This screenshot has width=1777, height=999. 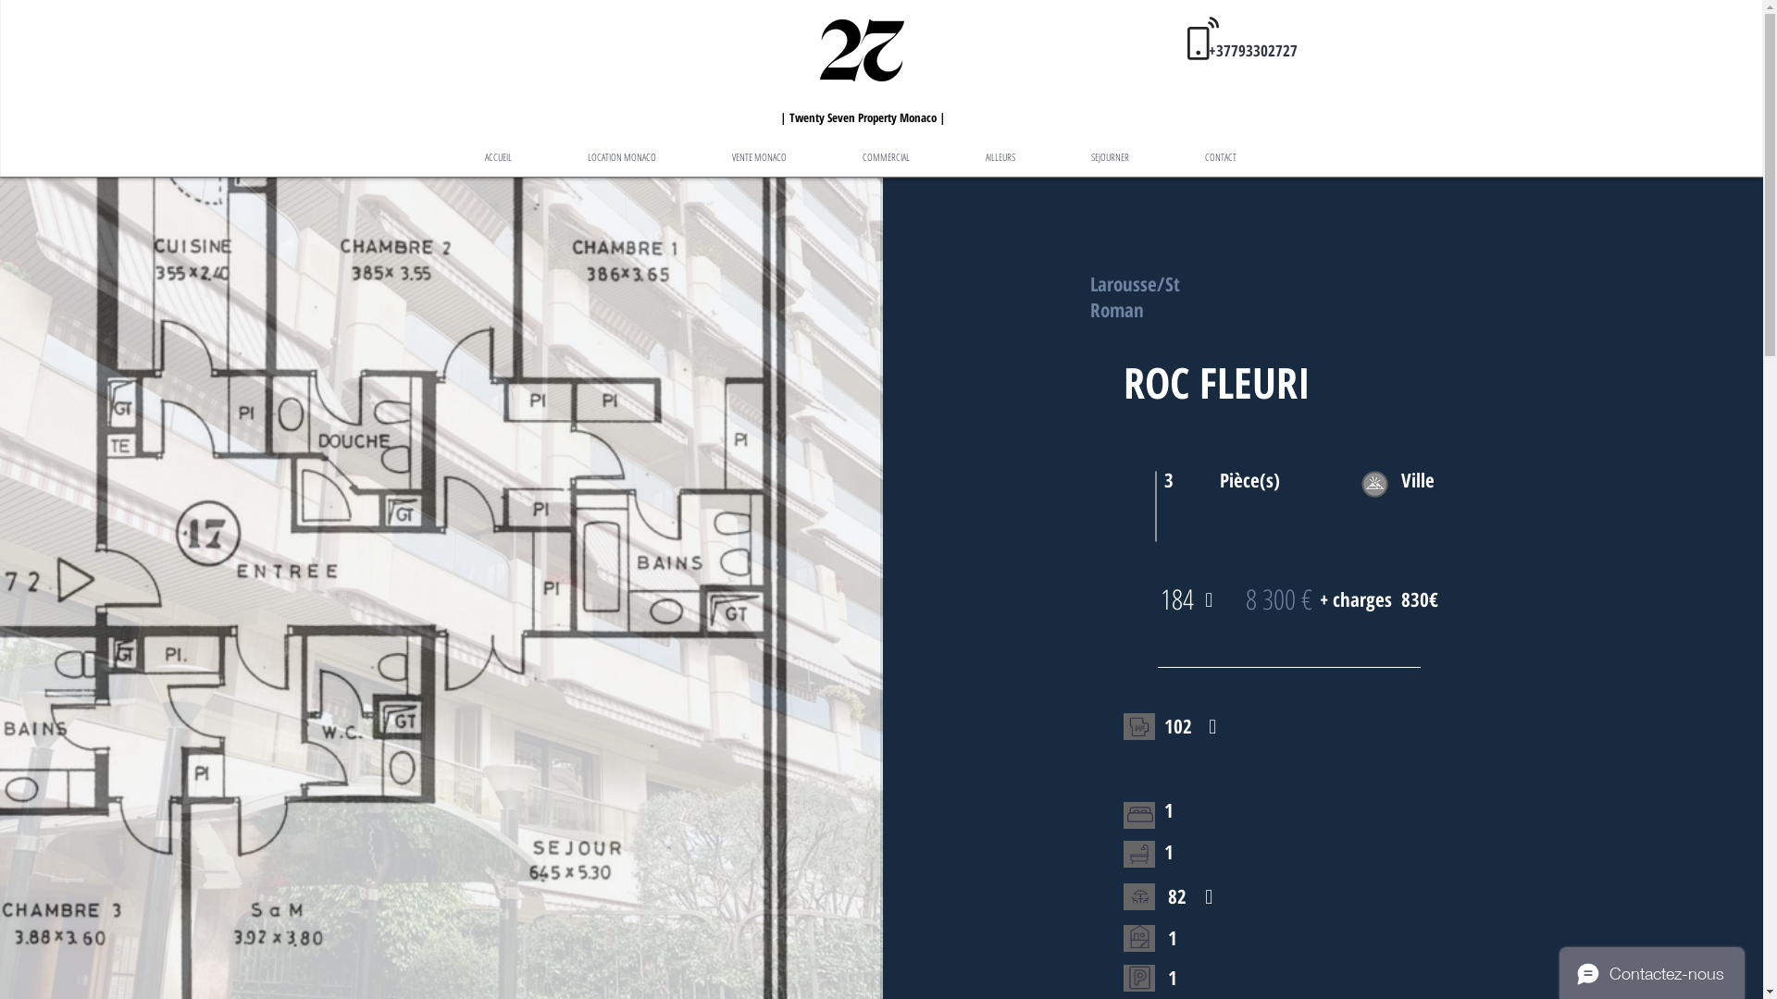 What do you see at coordinates (622, 155) in the screenshot?
I see `'LOCATION MONACO'` at bounding box center [622, 155].